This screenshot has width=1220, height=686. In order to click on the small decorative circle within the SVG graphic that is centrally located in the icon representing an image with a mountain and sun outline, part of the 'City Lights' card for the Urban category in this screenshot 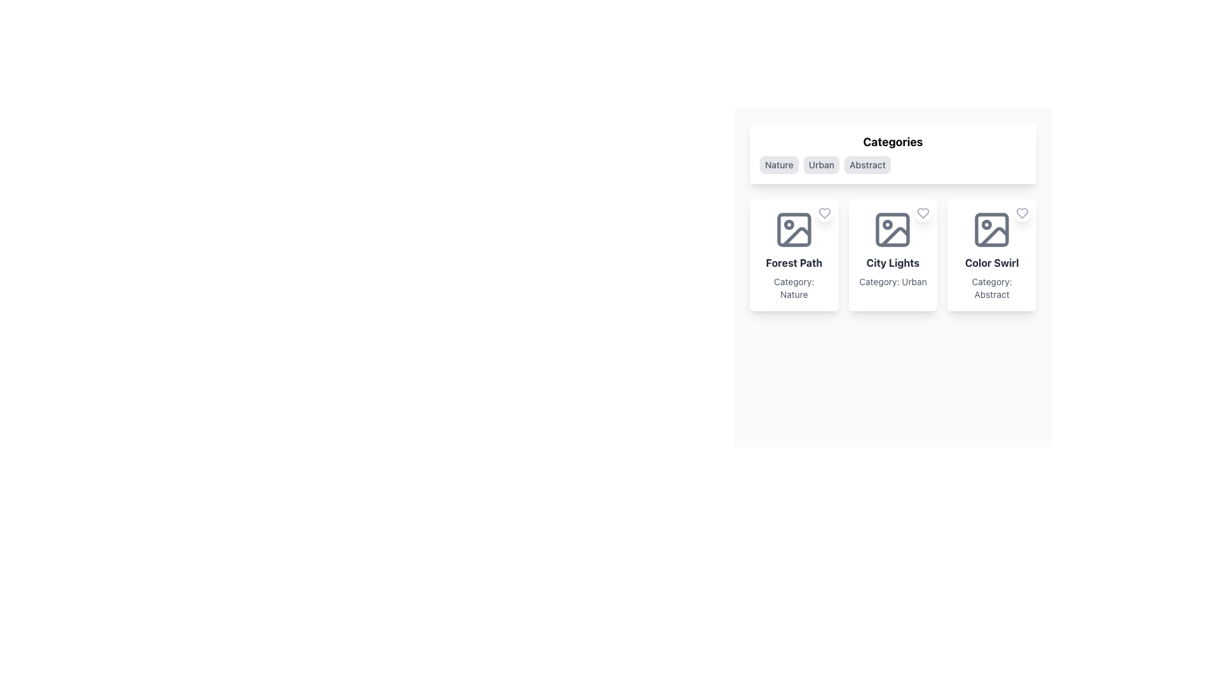, I will do `click(887, 224)`.